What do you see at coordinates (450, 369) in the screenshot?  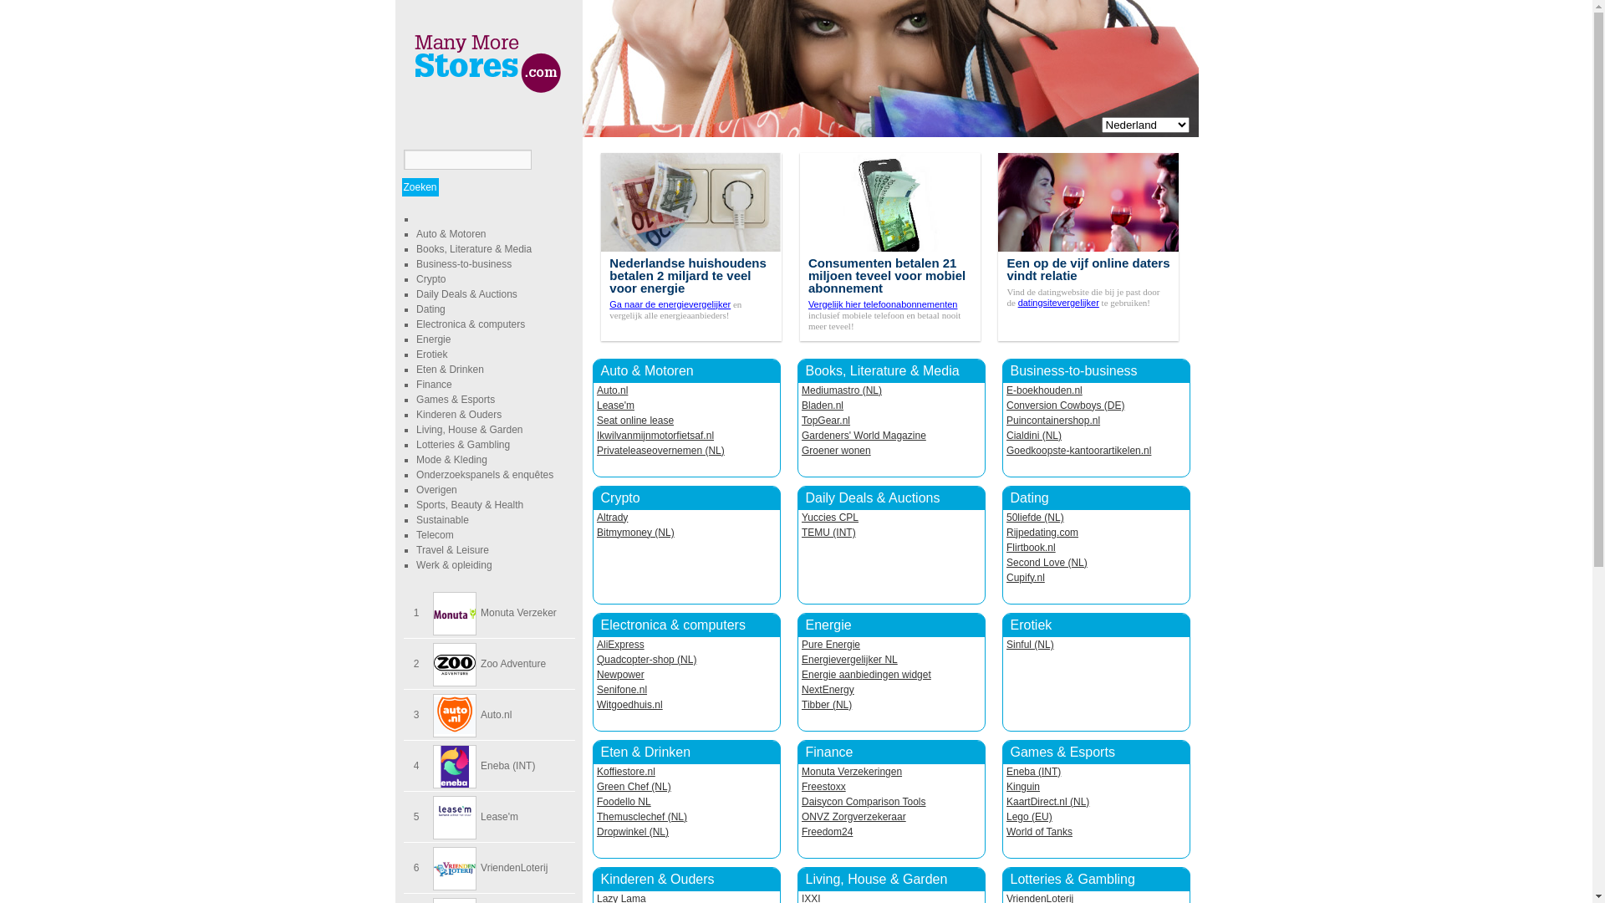 I see `'Eten & Drinken'` at bounding box center [450, 369].